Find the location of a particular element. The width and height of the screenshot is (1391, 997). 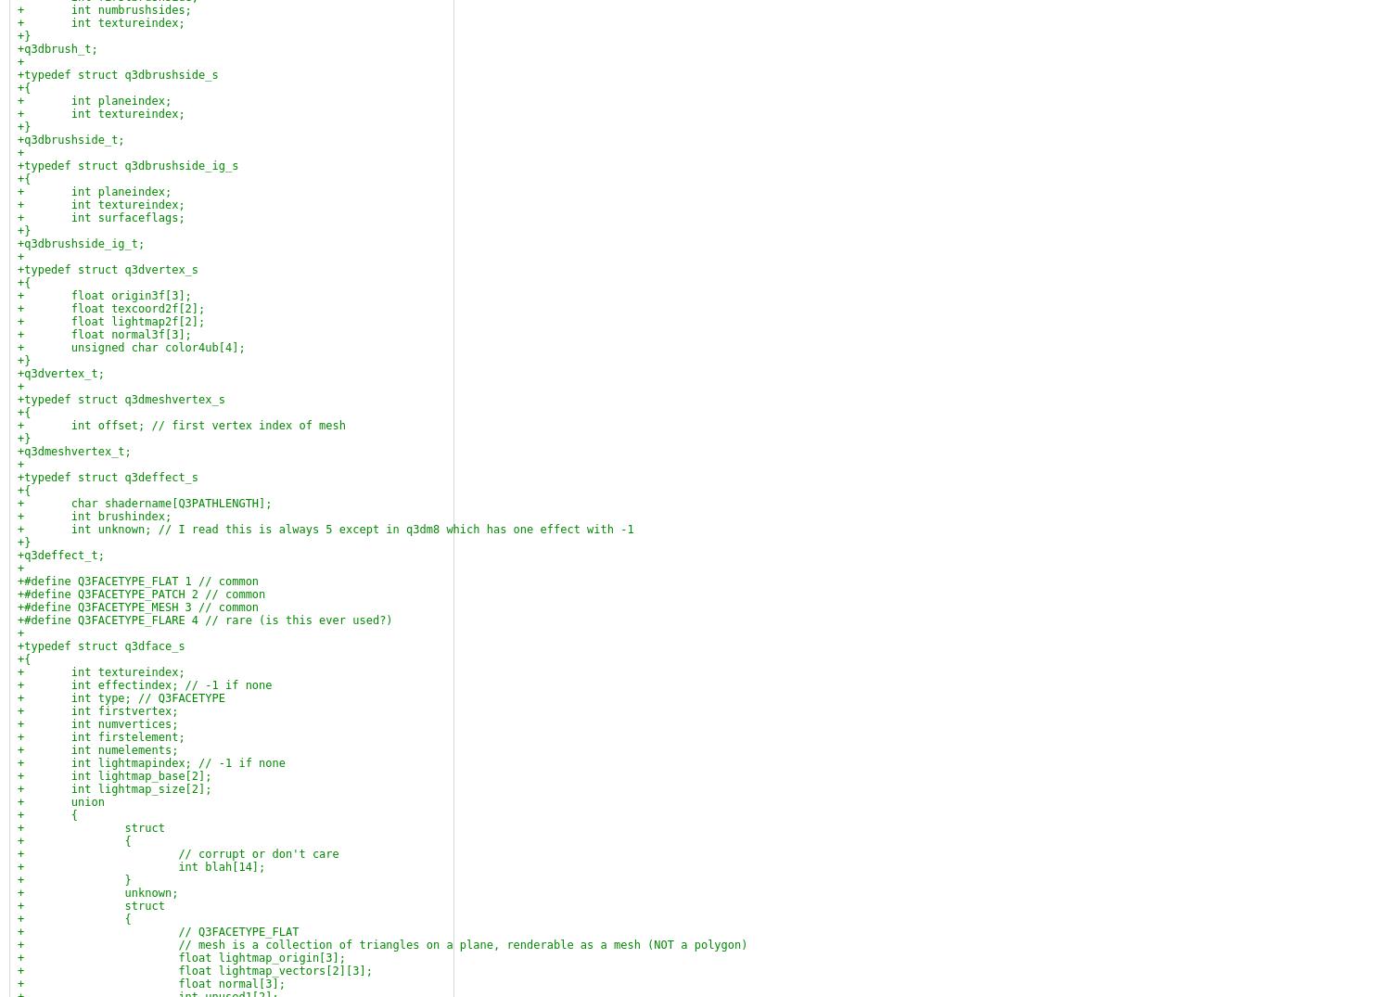

'+       int firstvertex;' is located at coordinates (96, 711).